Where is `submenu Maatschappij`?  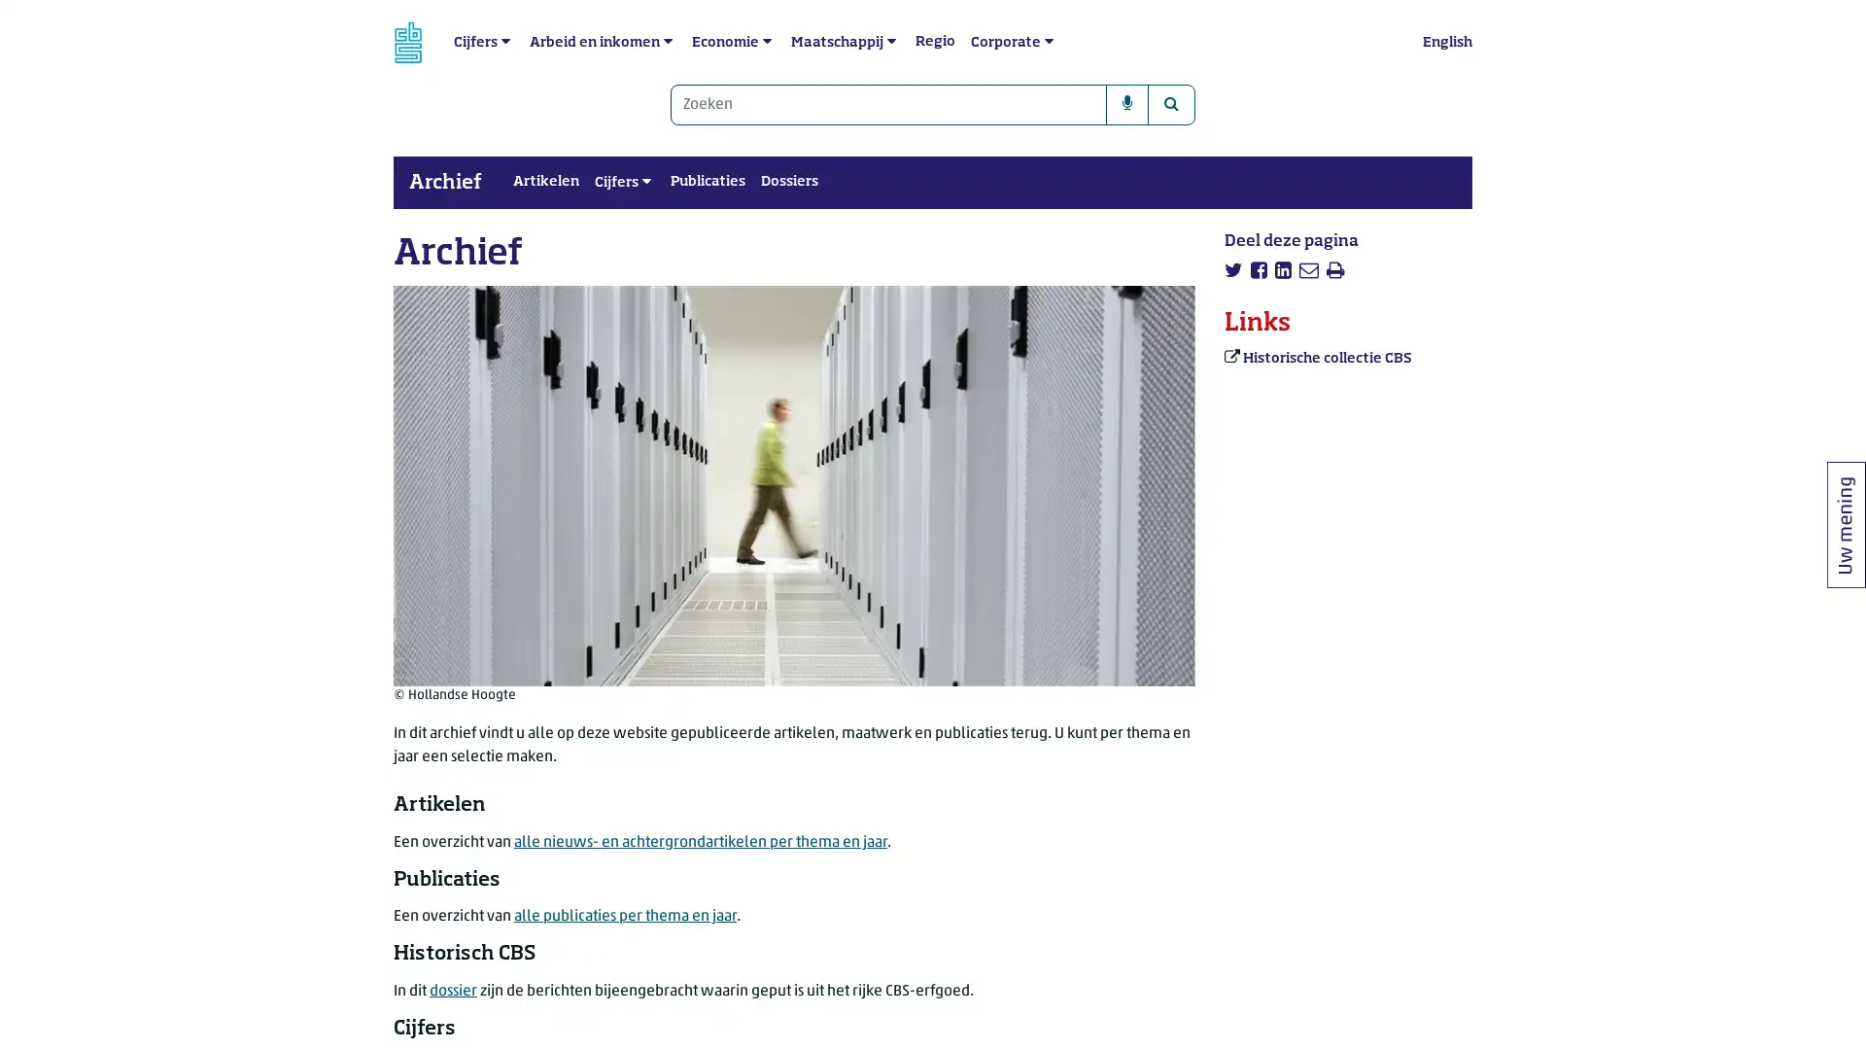
submenu Maatschappij is located at coordinates (890, 41).